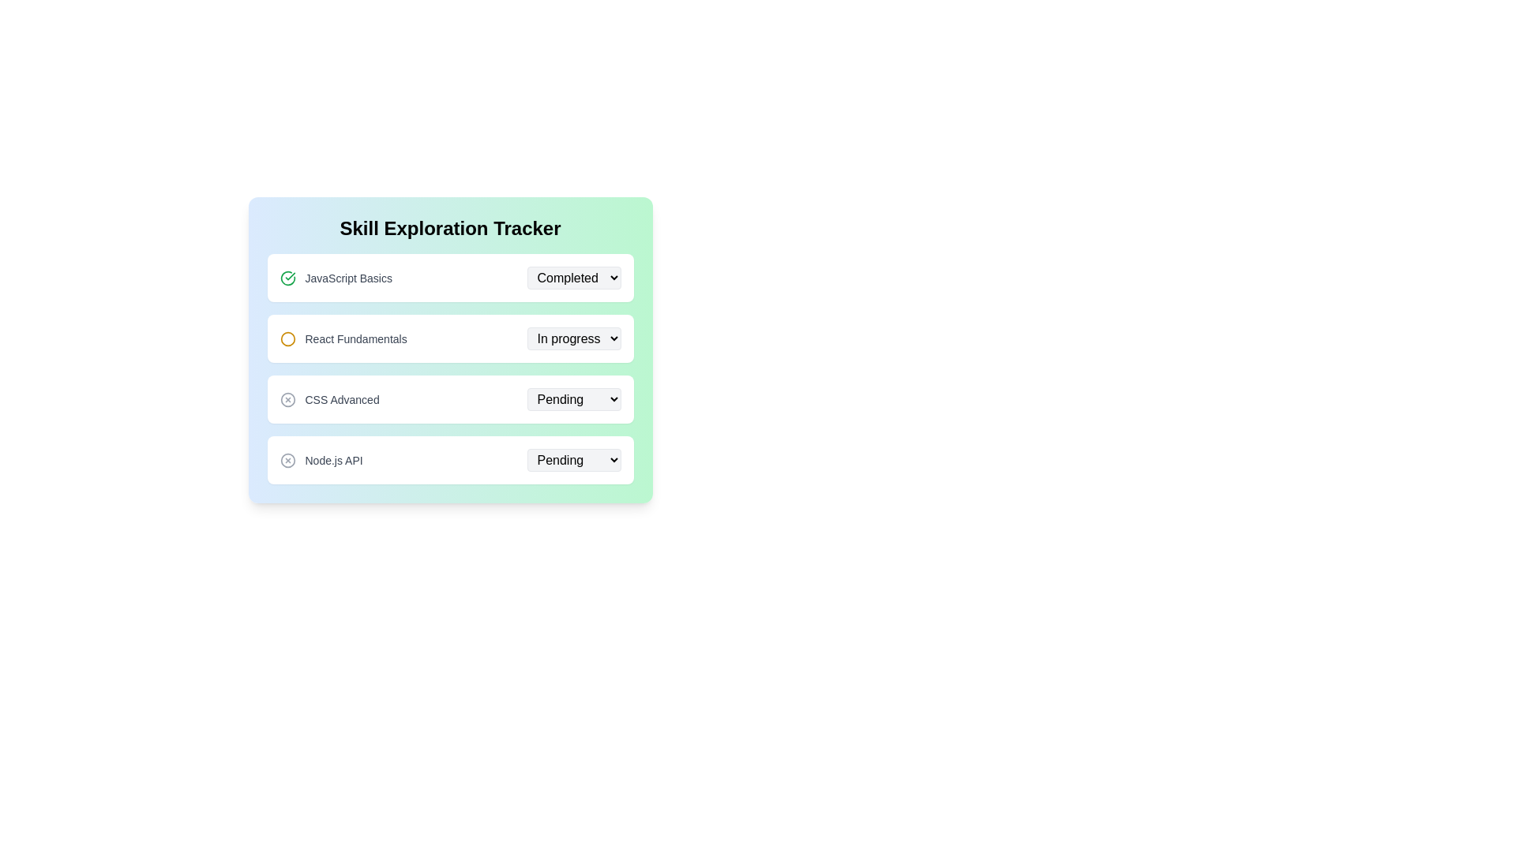 The height and width of the screenshot is (852, 1516). I want to click on the 'Node.js API' text label located in the fourth row of the skill exploration tracker, which is immediately to the right of a circular icon, so click(333, 460).